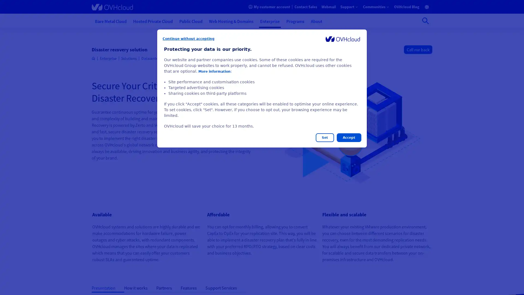  I want to click on Open search bar, so click(425, 20).